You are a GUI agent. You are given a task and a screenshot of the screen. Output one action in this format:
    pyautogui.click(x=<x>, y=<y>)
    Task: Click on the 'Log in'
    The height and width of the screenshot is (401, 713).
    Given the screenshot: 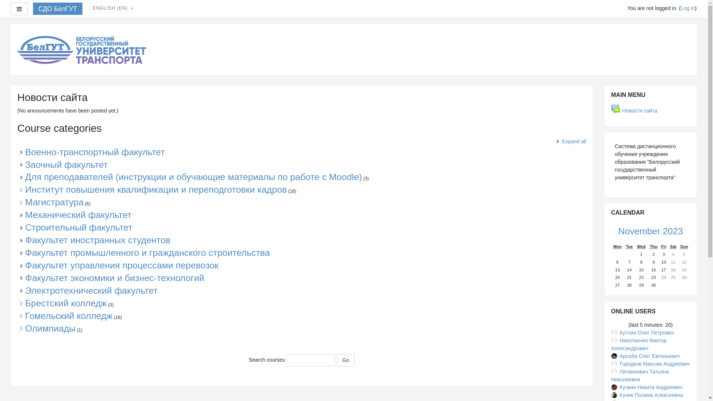 What is the action you would take?
    pyautogui.click(x=681, y=8)
    